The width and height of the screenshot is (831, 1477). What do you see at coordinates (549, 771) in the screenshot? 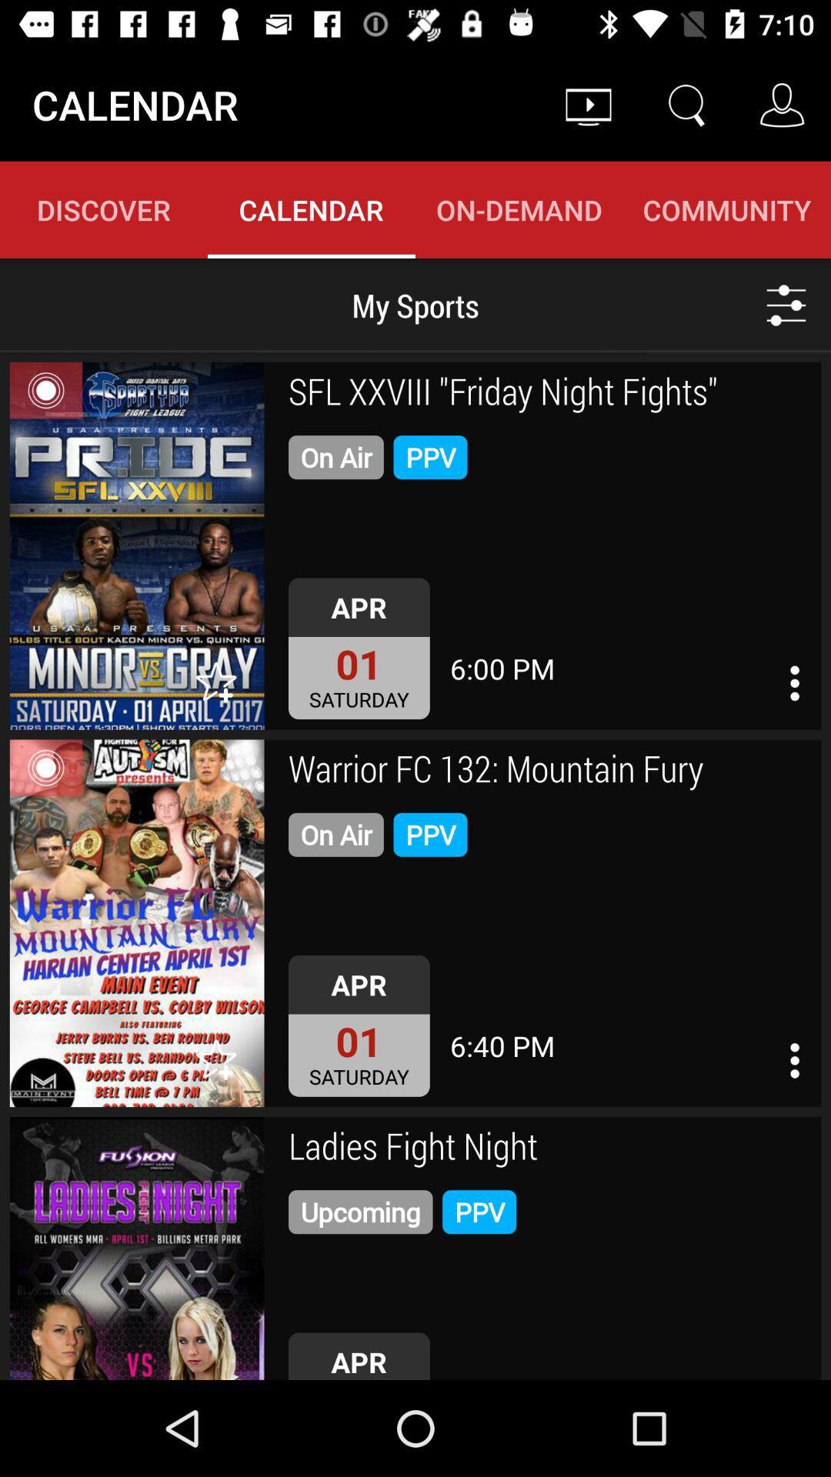
I see `warrior fc 132 item` at bounding box center [549, 771].